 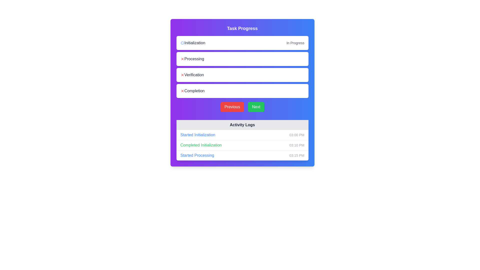 What do you see at coordinates (297, 145) in the screenshot?
I see `the light gray timestamp reading '03:10 PM' in the Activity Logs section, which is aligned to the right of the 'Completed Initialization' activity` at bounding box center [297, 145].